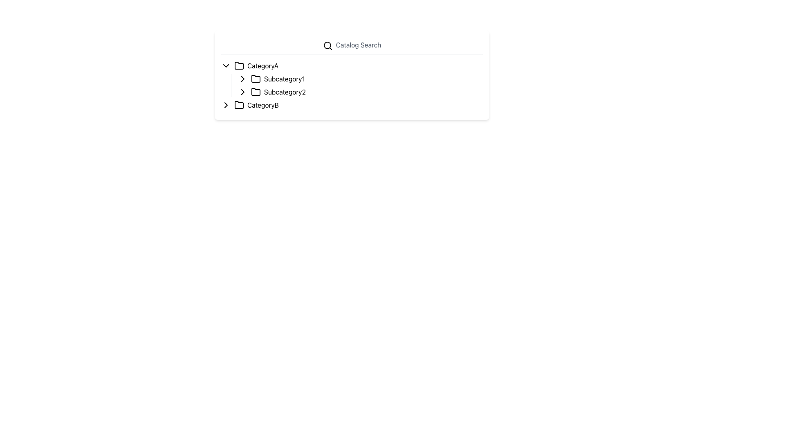  What do you see at coordinates (242, 79) in the screenshot?
I see `the rightward-pointing chevron icon located to the left of the text label 'Subcategory1'` at bounding box center [242, 79].